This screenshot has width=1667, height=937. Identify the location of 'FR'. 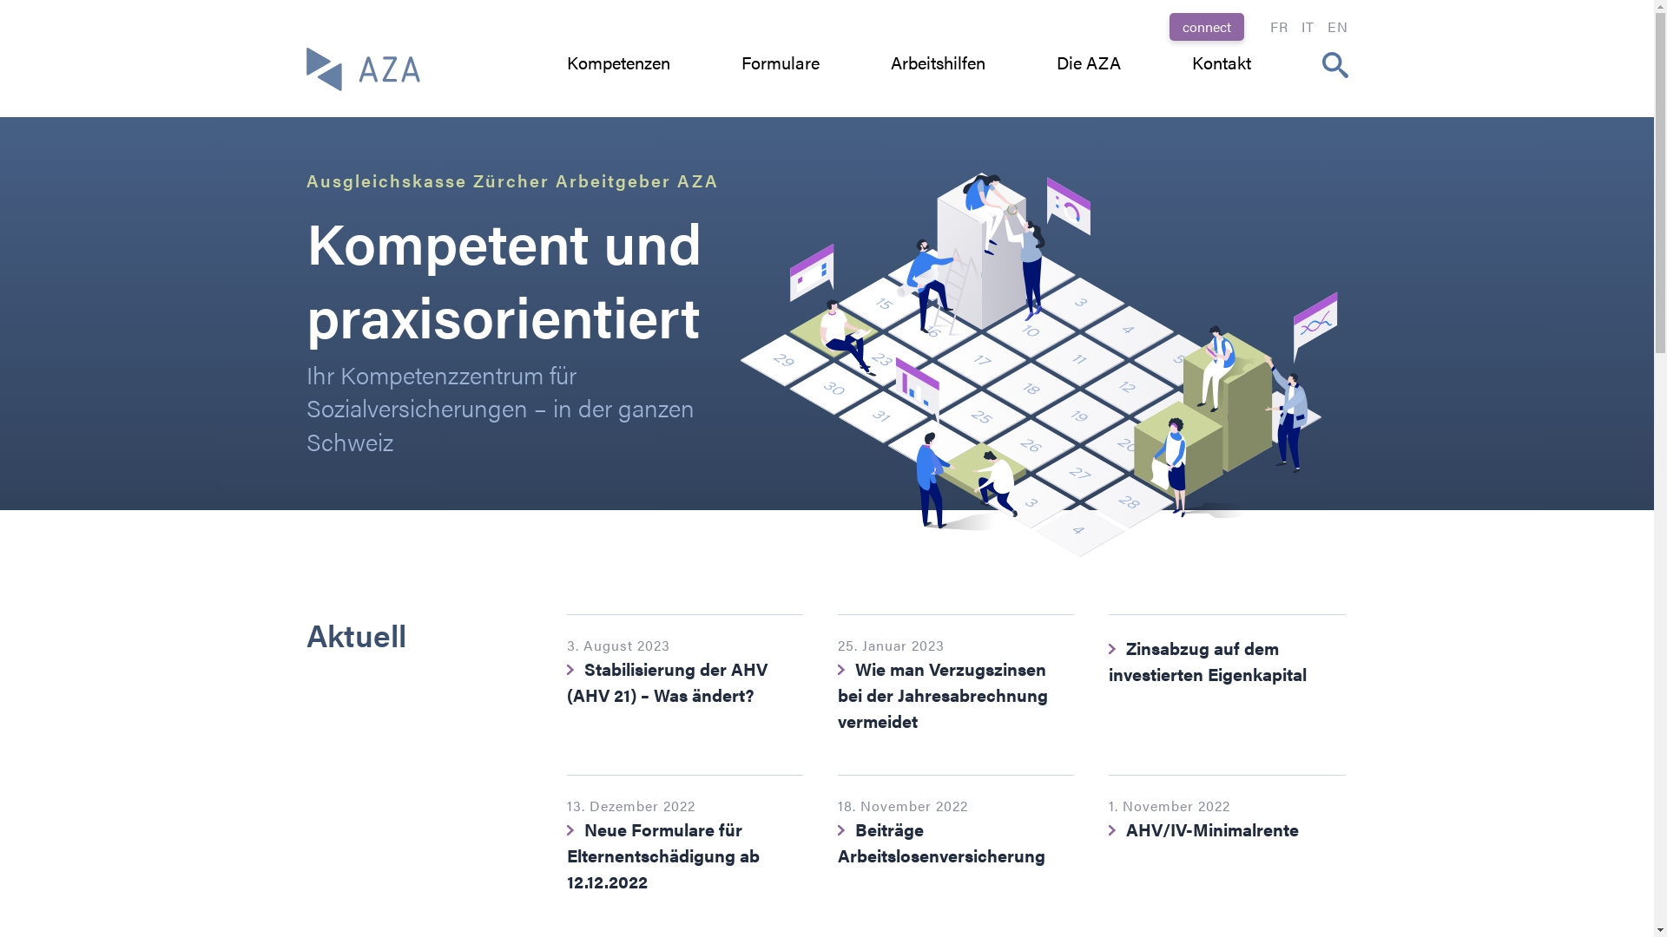
(1278, 26).